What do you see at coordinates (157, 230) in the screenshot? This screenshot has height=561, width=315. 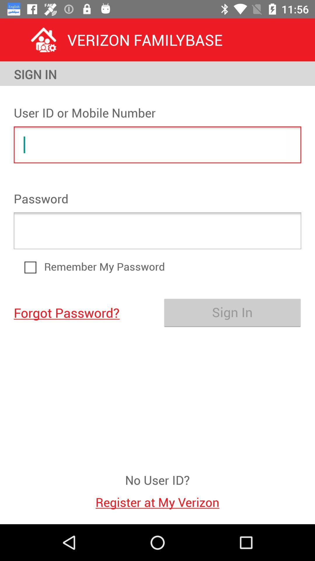 I see `password field` at bounding box center [157, 230].